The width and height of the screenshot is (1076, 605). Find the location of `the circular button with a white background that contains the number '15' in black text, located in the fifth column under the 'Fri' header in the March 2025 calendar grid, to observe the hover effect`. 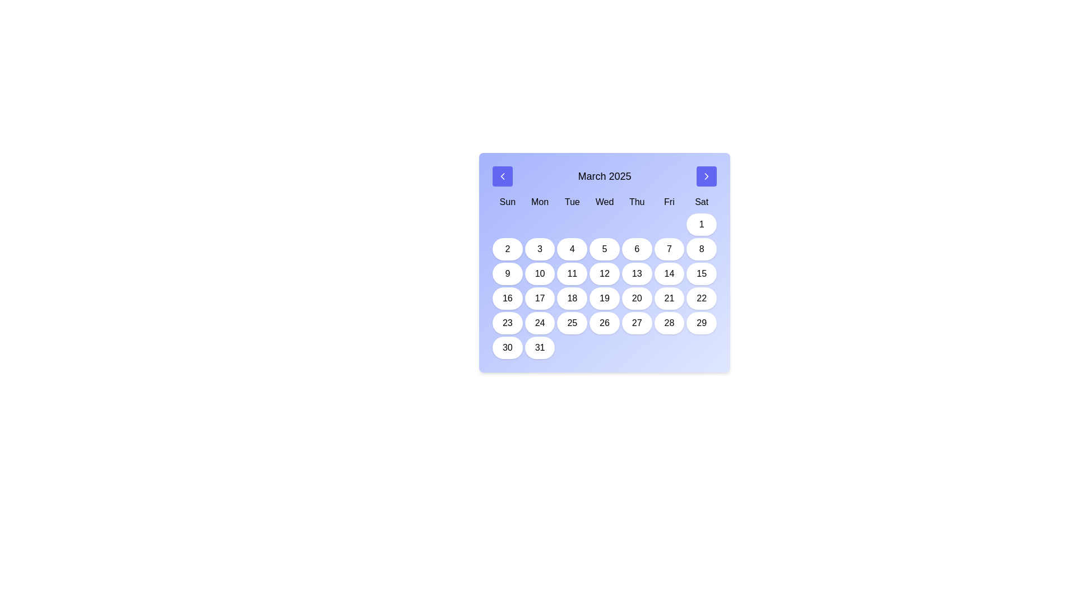

the circular button with a white background that contains the number '15' in black text, located in the fifth column under the 'Fri' header in the March 2025 calendar grid, to observe the hover effect is located at coordinates (701, 274).